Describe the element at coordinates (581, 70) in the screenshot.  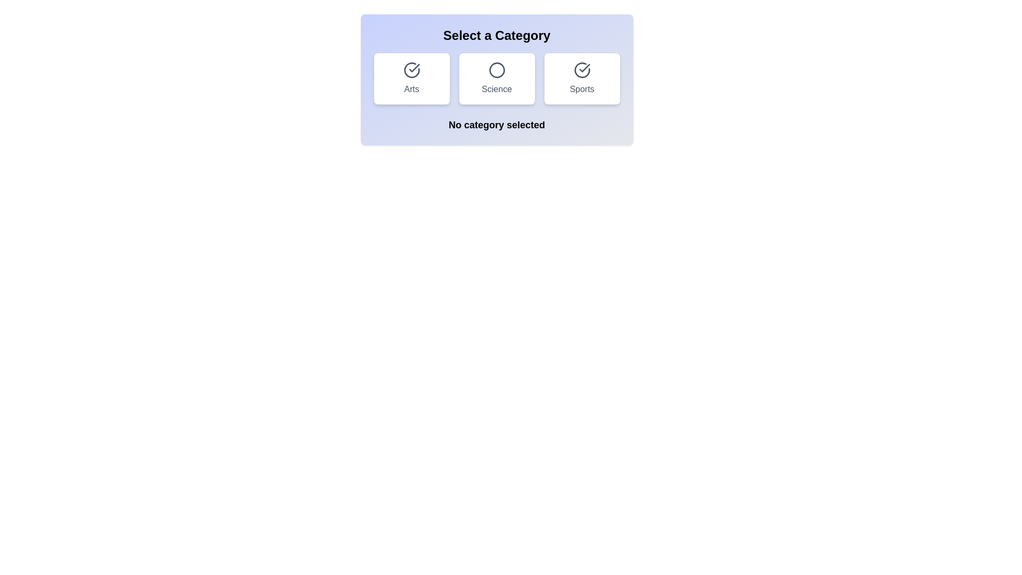
I see `the selection indication by clicking on the circular checkmark icon located at the top section of the 'Sports' category card` at that location.